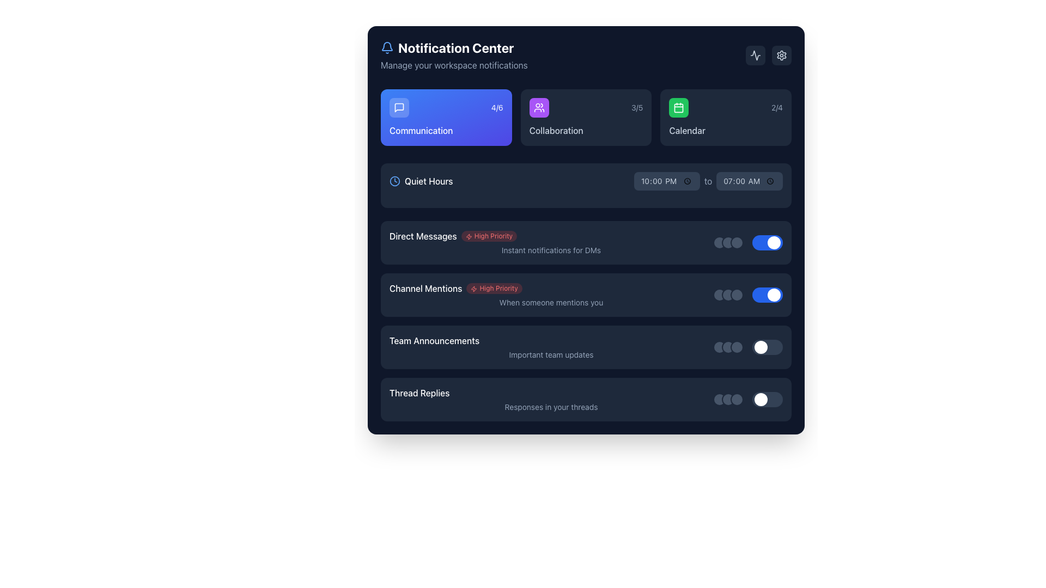  I want to click on the middle circular decorative element with a dark gray background and darker border in the horizontal cluster of three circles located near the bottom of the central panel, so click(728, 399).